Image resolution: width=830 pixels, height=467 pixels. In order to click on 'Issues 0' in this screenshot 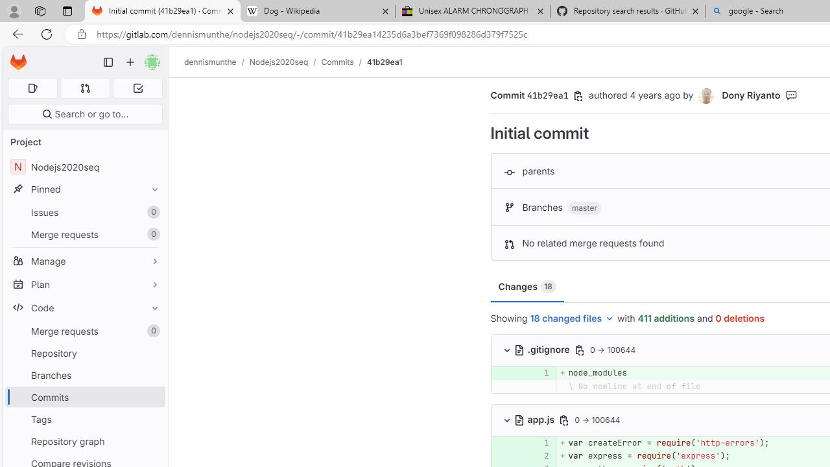, I will do `click(84, 211)`.